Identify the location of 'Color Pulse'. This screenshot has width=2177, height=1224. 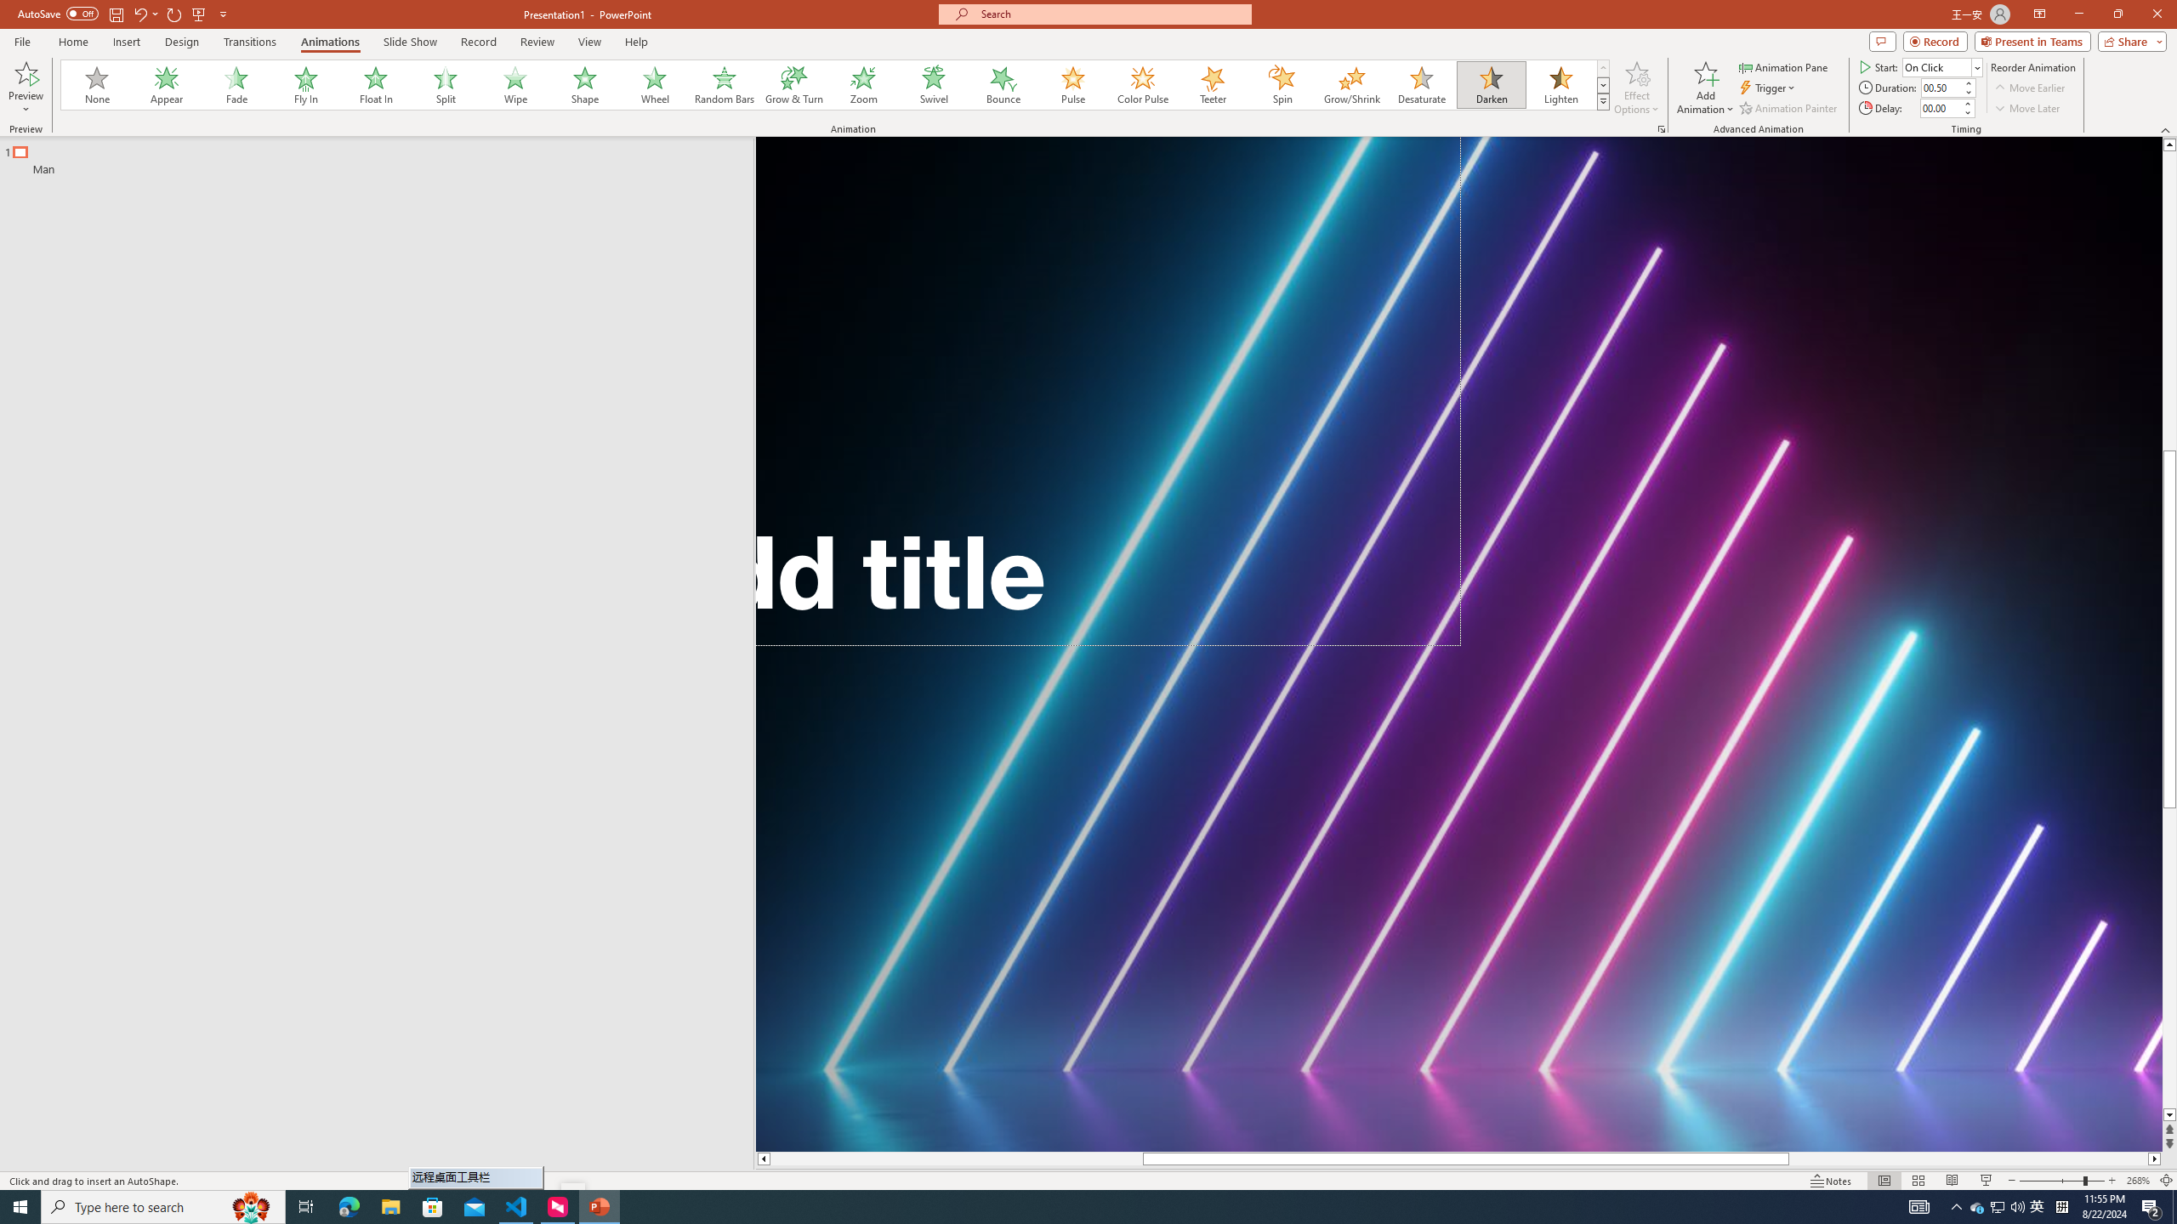
(1143, 84).